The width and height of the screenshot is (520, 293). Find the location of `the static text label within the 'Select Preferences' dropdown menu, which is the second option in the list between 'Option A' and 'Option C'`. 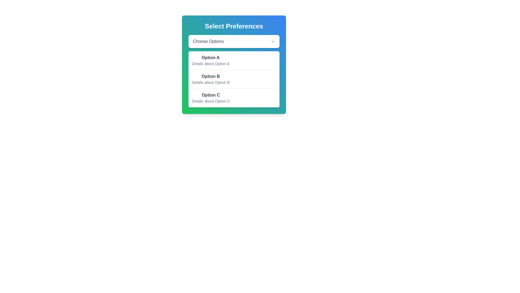

the static text label within the 'Select Preferences' dropdown menu, which is the second option in the list between 'Option A' and 'Option C' is located at coordinates (210, 76).